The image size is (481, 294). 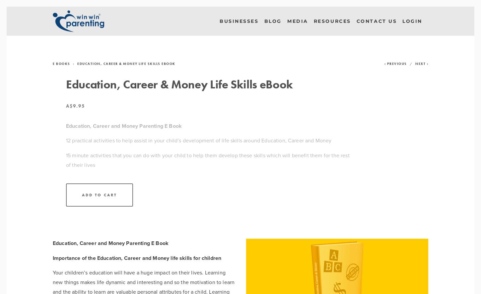 What do you see at coordinates (376, 20) in the screenshot?
I see `'Contact Us'` at bounding box center [376, 20].